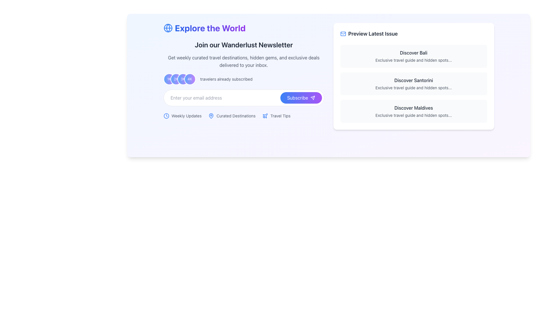 This screenshot has width=551, height=310. I want to click on the first icon representing weekly updates, located near the bottom of the left content section, to the left of the text 'Weekly Updates', so click(166, 116).